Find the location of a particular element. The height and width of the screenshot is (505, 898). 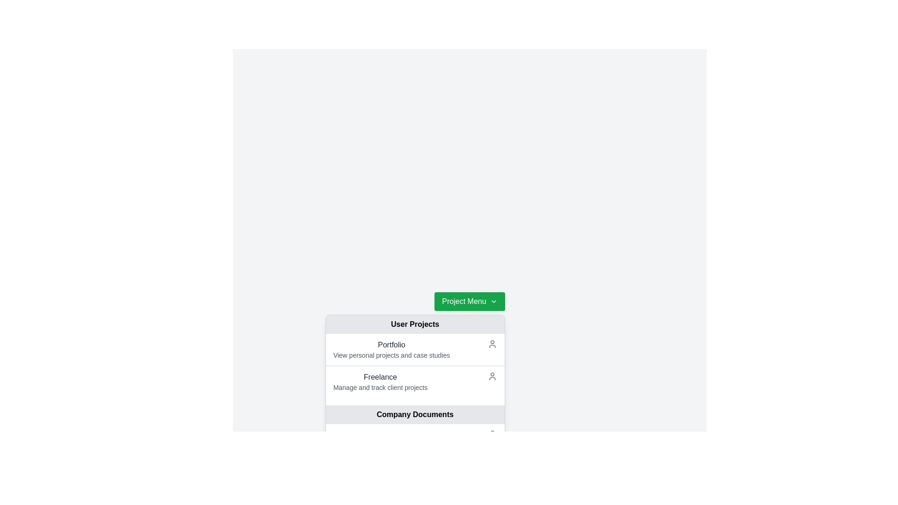

the icon representing user profile management located to the far right of the text 'Freelance Manage and track client projects' in the 'Freelance' section is located at coordinates (491, 376).